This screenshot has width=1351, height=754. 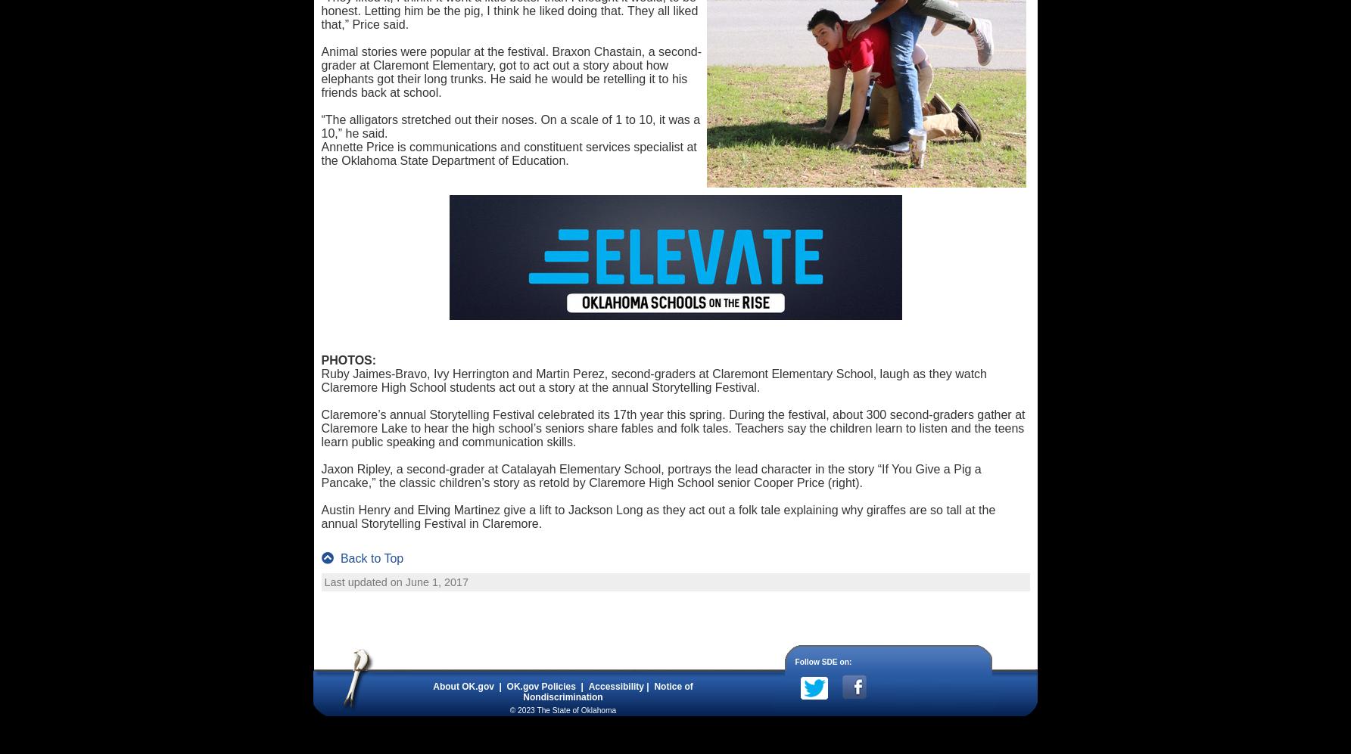 What do you see at coordinates (509, 126) in the screenshot?
I see `'“The alligators stretched out their noses. On a scale of 1 to 10, it was a 10,” he said.'` at bounding box center [509, 126].